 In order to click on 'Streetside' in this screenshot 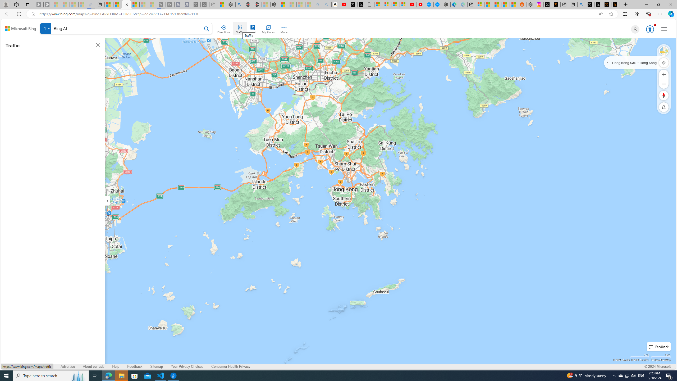, I will do `click(664, 51)`.